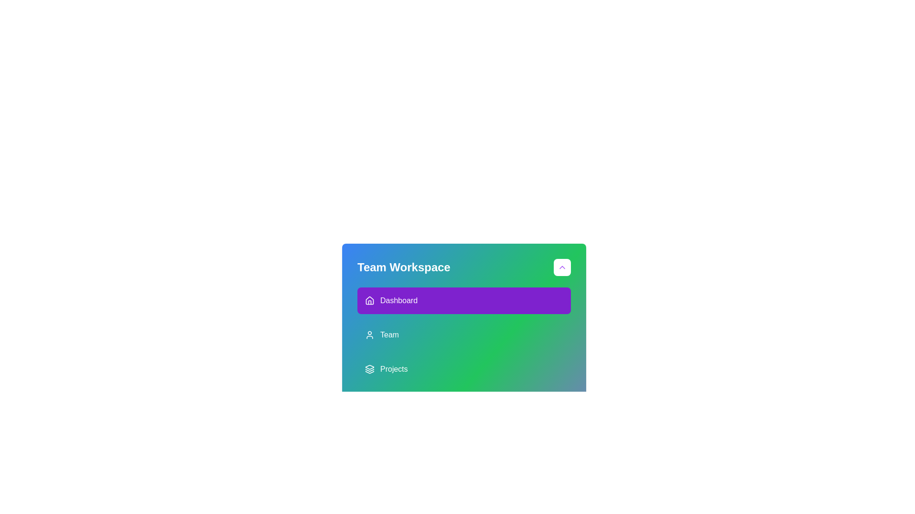 This screenshot has height=514, width=915. Describe the element at coordinates (562, 267) in the screenshot. I see `the toggle button located in the top-right corner of the 'Team Workspace' bar, adjacent to the text 'Team Workspace'` at that location.